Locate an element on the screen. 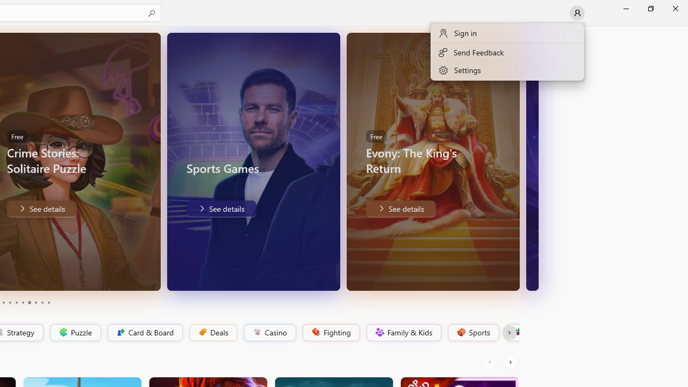 The image size is (688, 387). 'Sports' is located at coordinates (472, 332).